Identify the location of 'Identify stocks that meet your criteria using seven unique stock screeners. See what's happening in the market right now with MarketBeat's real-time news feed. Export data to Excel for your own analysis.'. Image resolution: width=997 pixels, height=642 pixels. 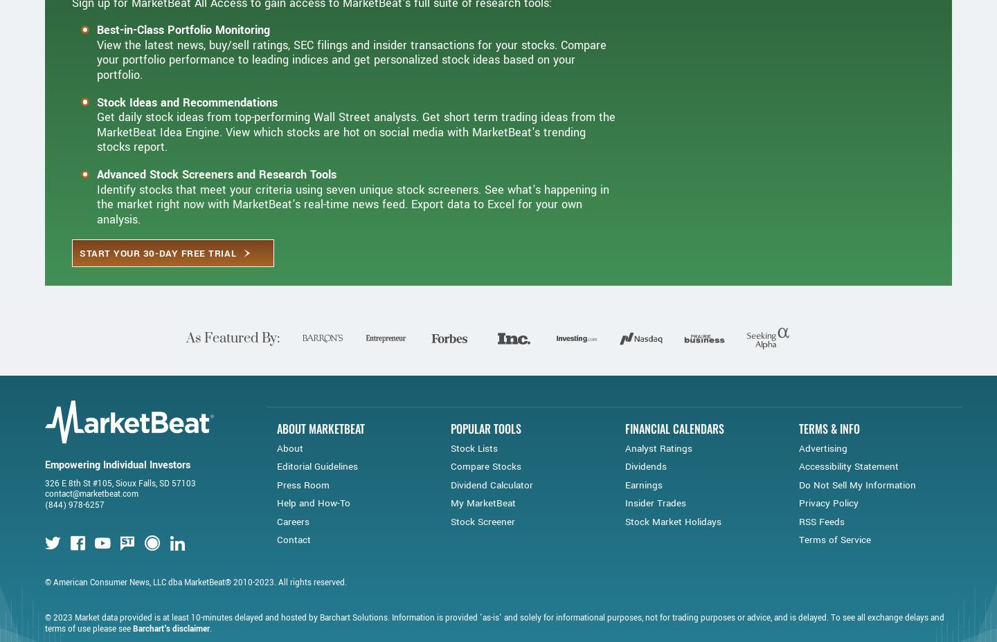
(352, 248).